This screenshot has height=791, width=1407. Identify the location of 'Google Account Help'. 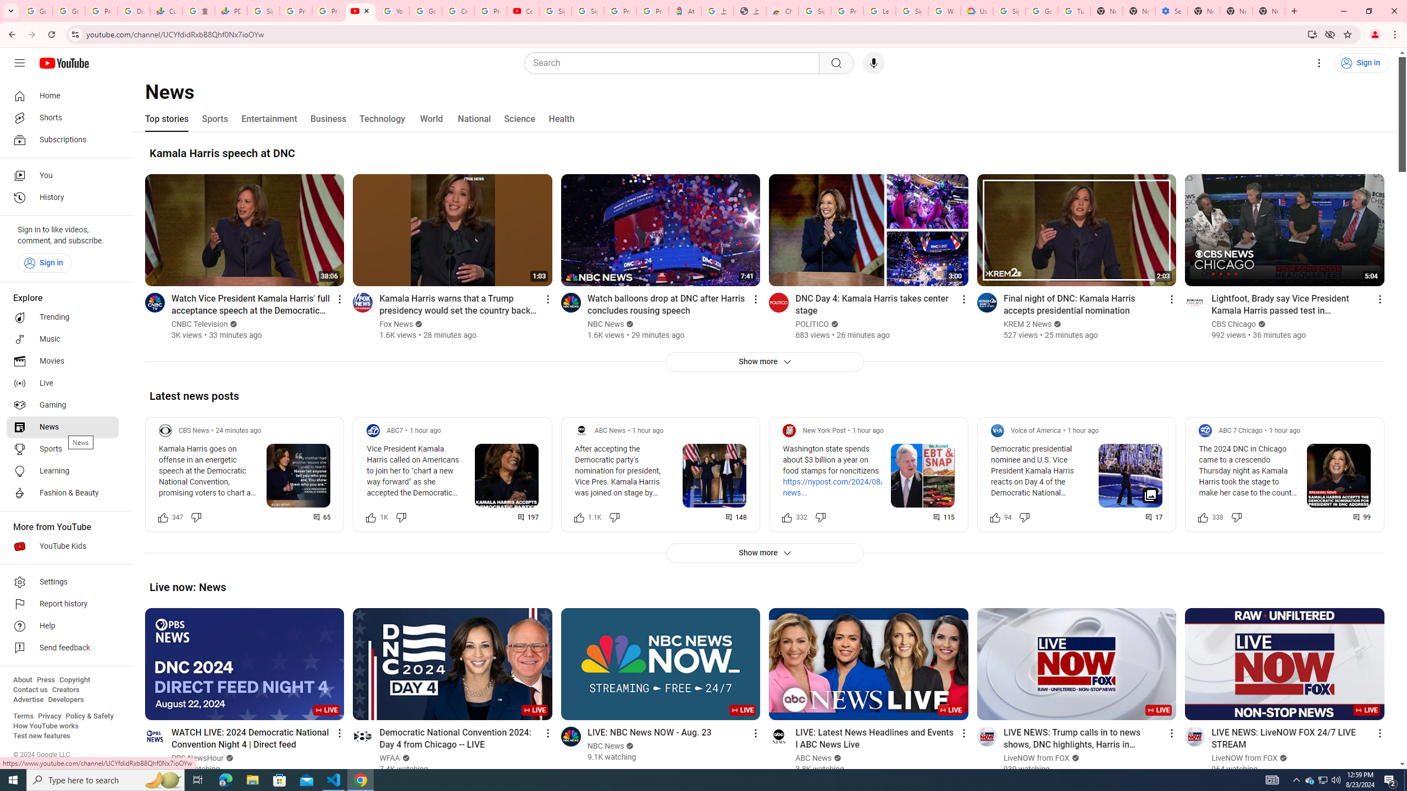
(1040, 10).